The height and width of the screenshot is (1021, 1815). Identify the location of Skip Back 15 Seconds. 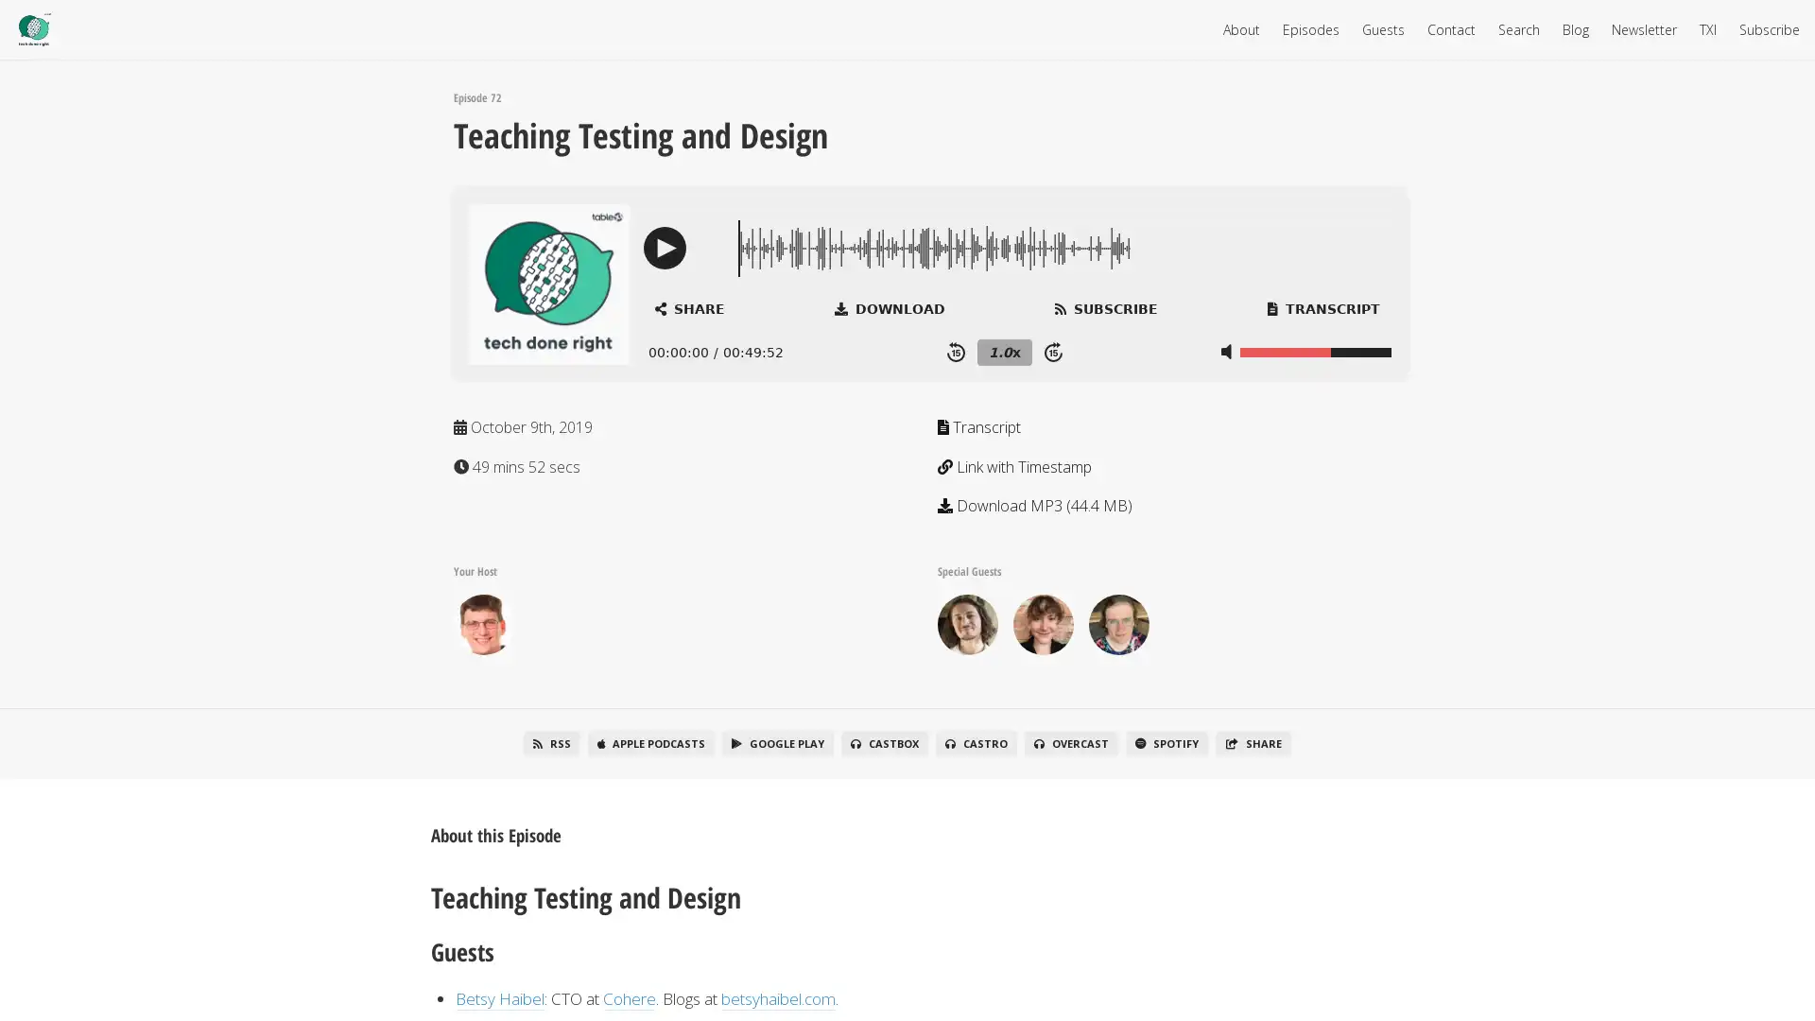
(956, 351).